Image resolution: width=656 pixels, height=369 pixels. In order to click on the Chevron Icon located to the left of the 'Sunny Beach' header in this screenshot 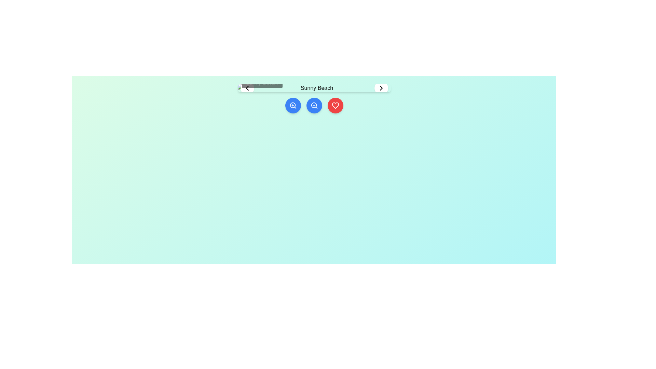, I will do `click(247, 88)`.